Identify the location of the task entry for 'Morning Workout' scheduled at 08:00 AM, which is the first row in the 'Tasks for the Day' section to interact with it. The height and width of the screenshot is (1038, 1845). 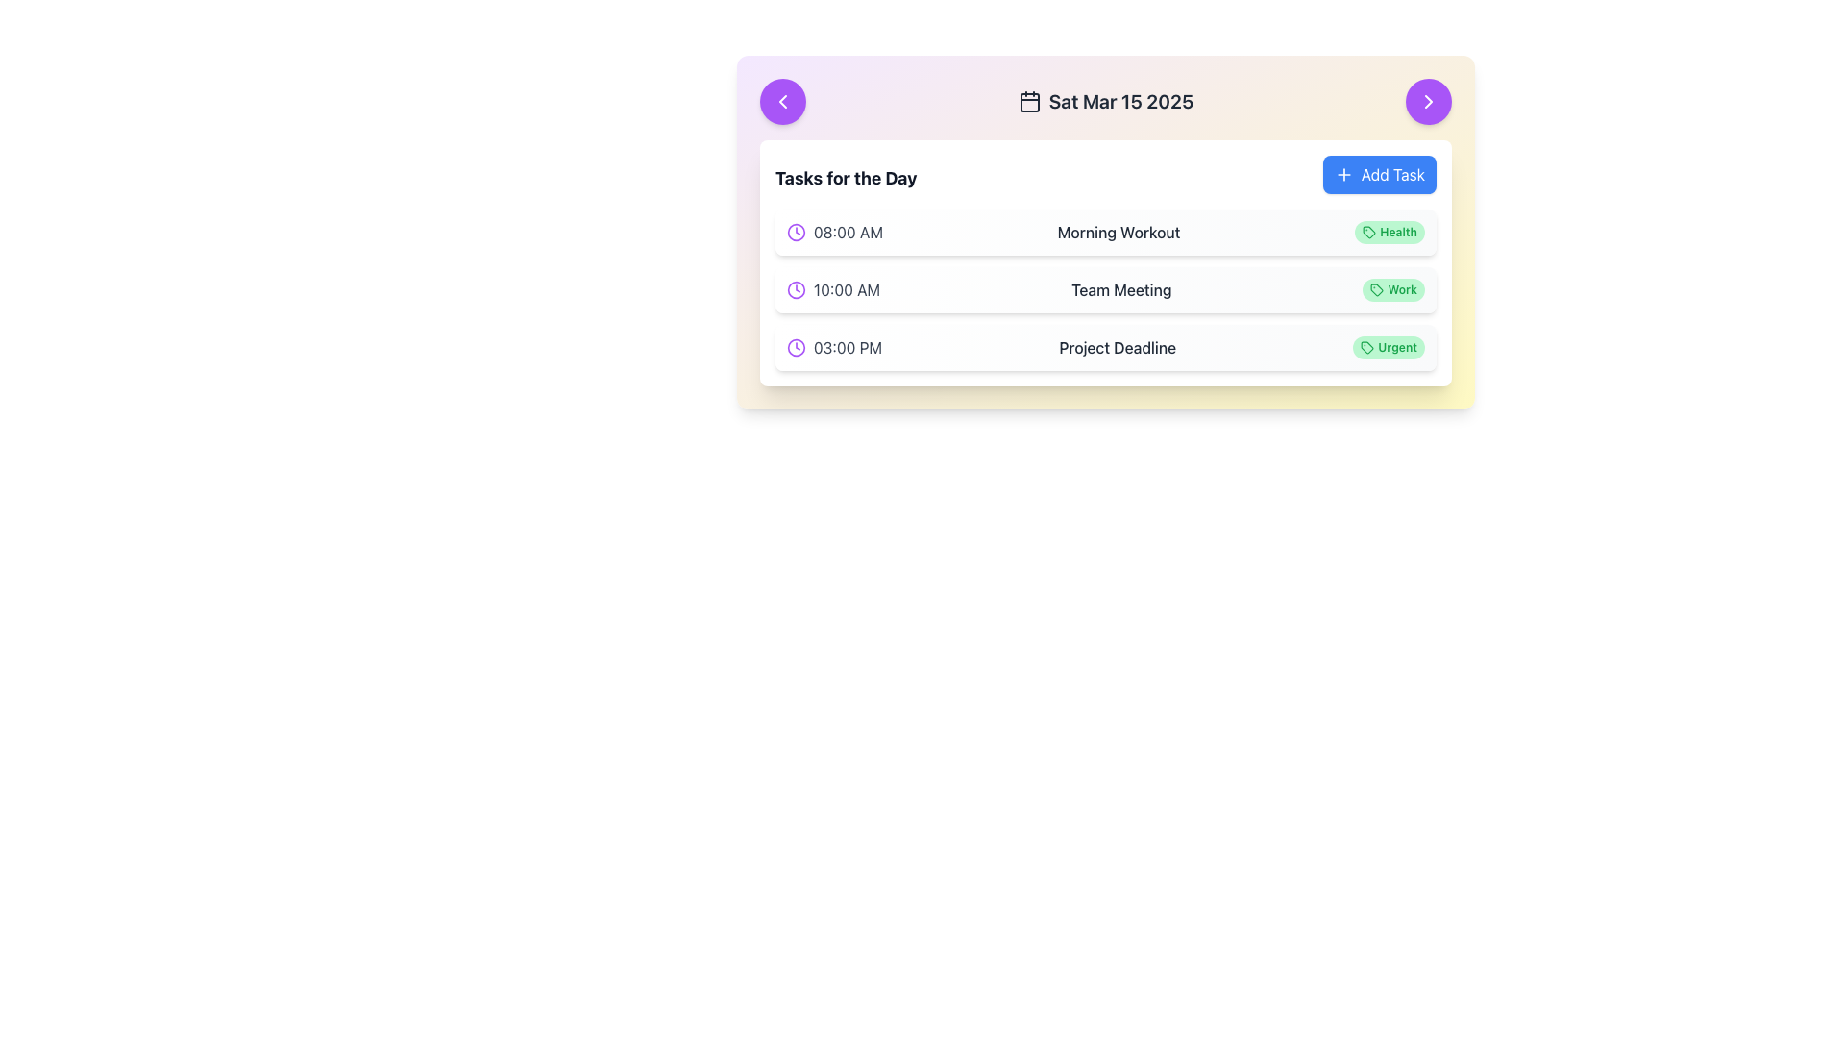
(1106, 232).